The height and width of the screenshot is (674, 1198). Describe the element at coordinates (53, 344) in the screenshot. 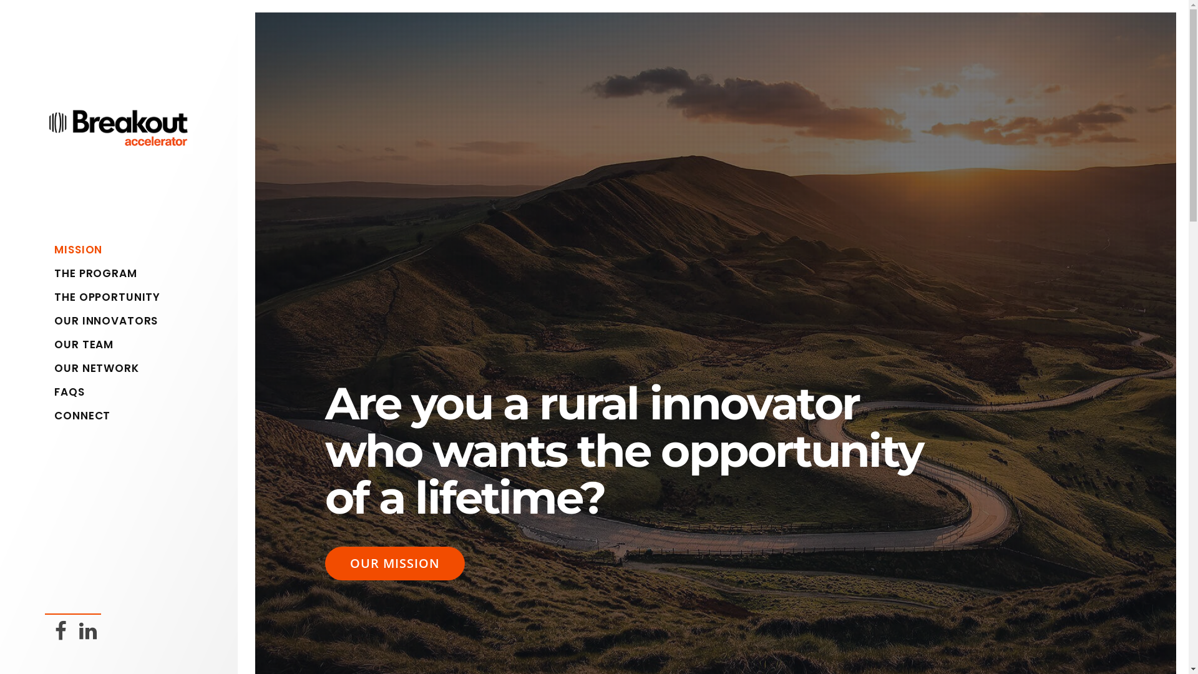

I see `'OUR TEAM'` at that location.